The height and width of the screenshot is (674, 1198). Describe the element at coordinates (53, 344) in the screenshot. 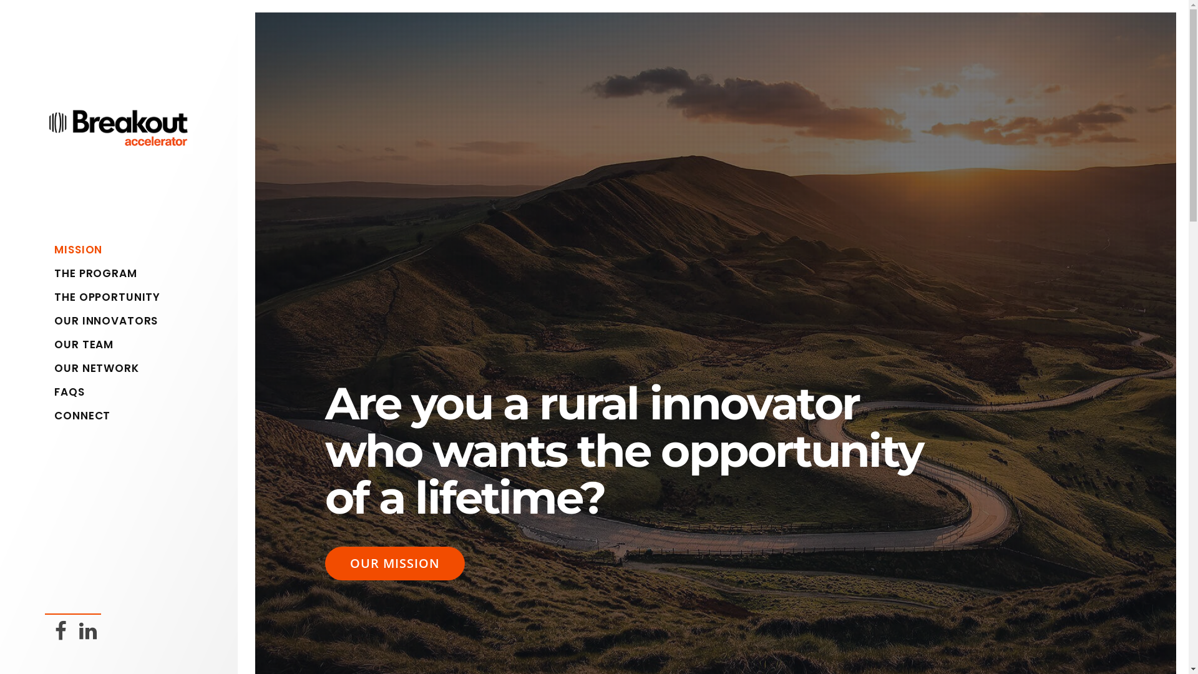

I see `'OUR TEAM'` at that location.